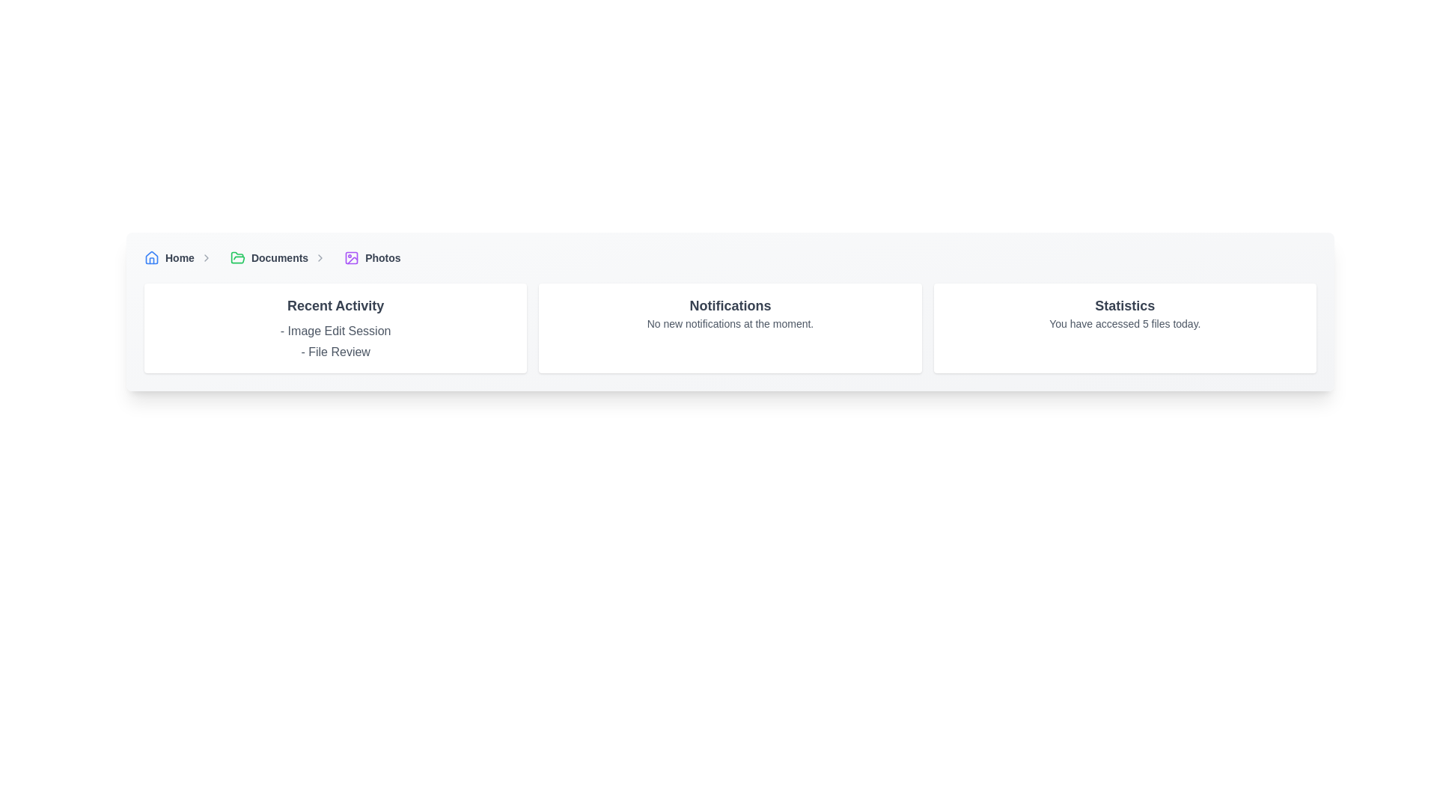 The width and height of the screenshot is (1437, 808). Describe the element at coordinates (335, 331) in the screenshot. I see `the informational text label describing the recent activity, located under the 'Recent Activity' header, specifically the first item in the vertical list` at that location.